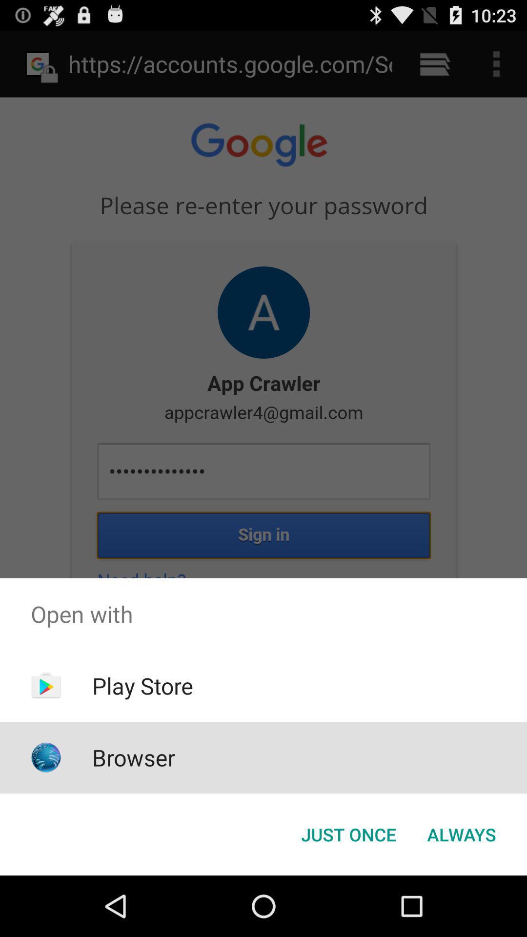  What do you see at coordinates (348, 834) in the screenshot?
I see `the just once` at bounding box center [348, 834].